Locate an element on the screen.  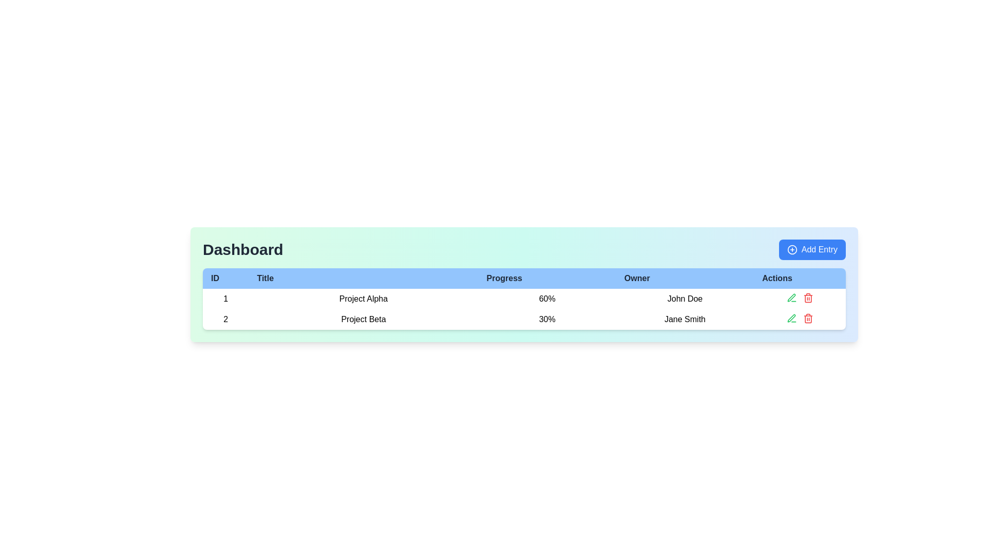
the green icon button resembling a pen or pencil located in the 'Actions' column of the second row in the table is located at coordinates (791, 318).